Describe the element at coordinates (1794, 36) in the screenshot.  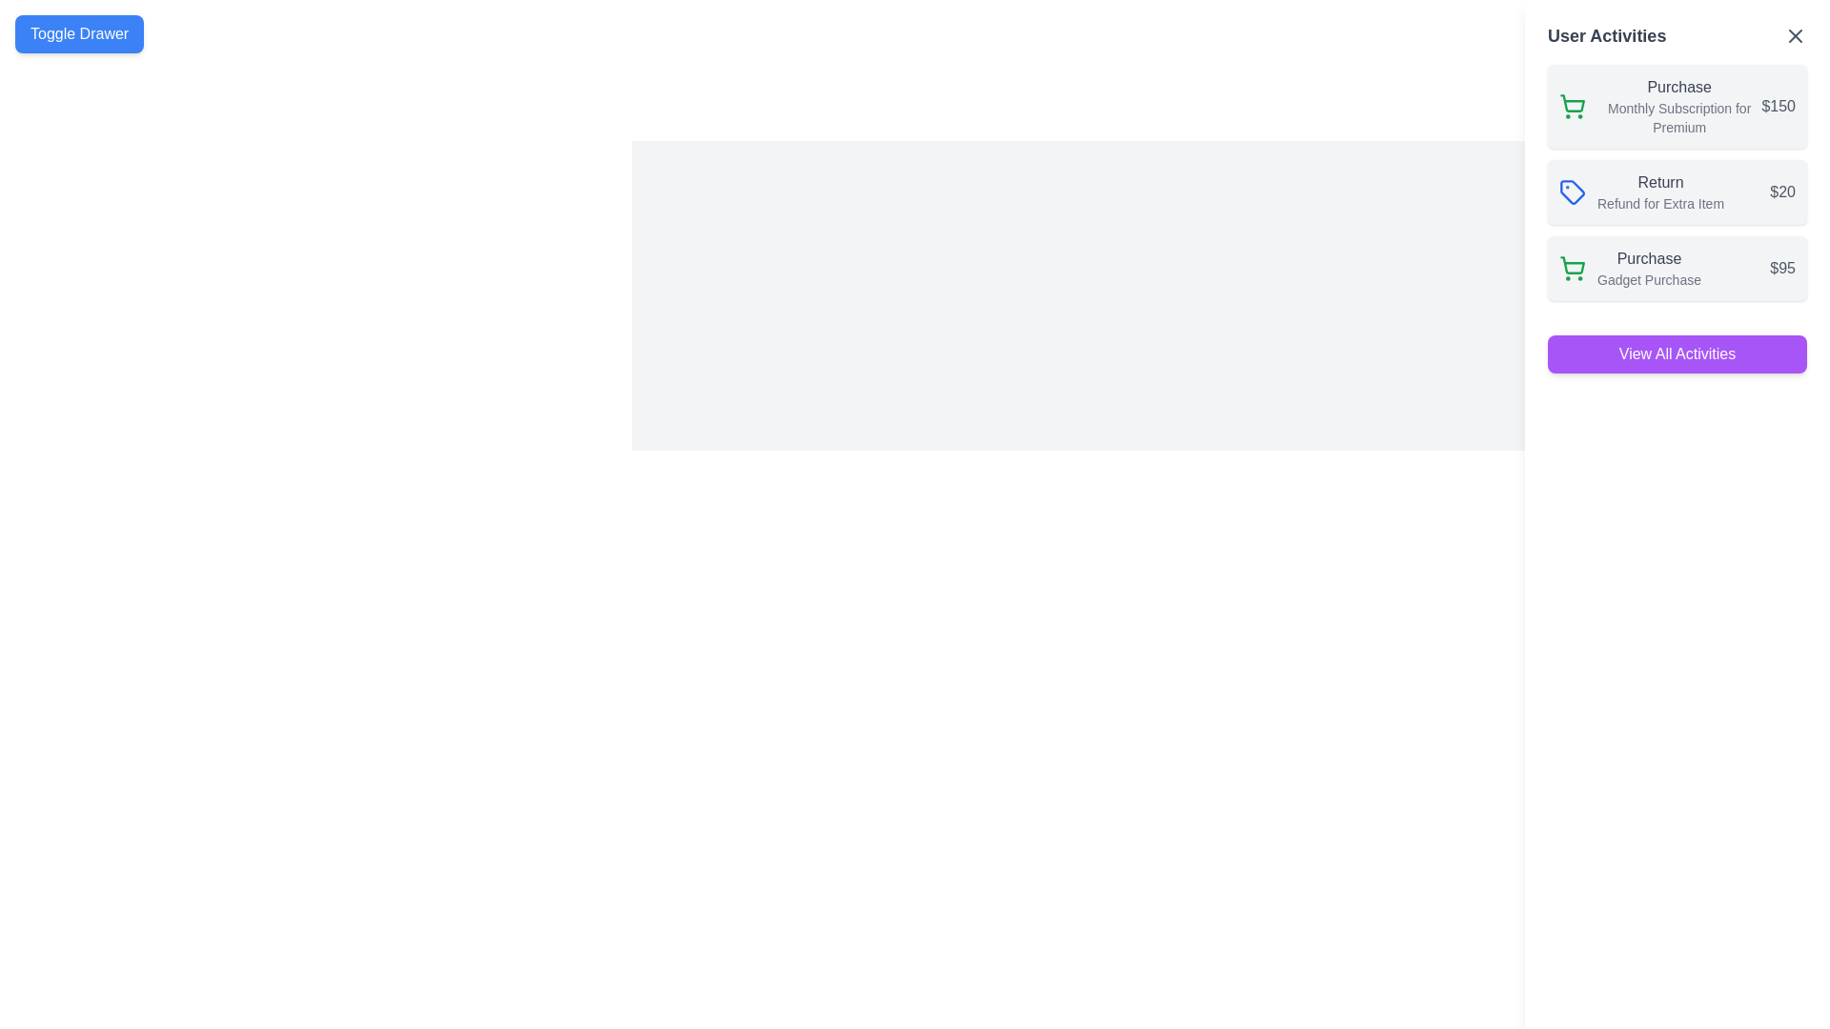
I see `the dark gray 'X' icon button located in the top-right corner of the 'User Activities' section header` at that location.